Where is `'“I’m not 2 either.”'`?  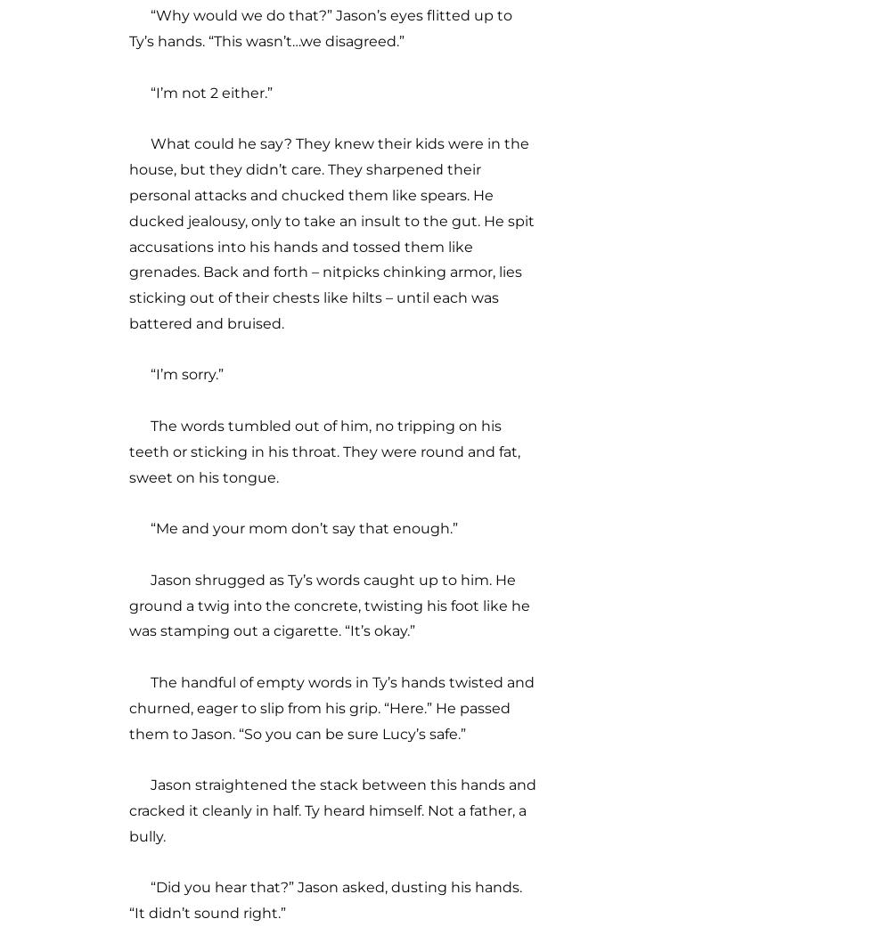
'“I’m not 2 either.”' is located at coordinates (200, 91).